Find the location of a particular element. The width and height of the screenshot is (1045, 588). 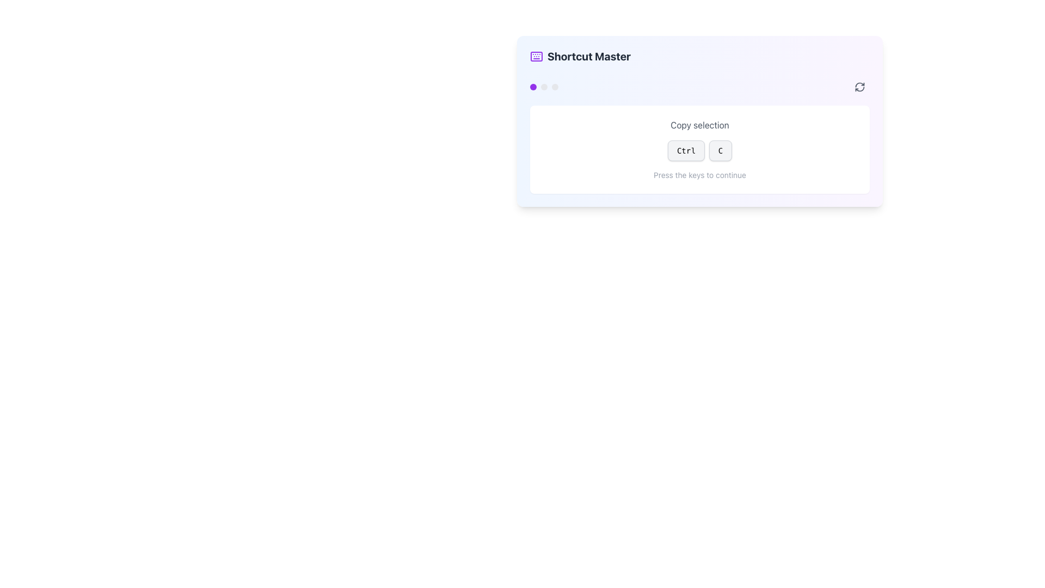

the purple progress dot in the Progress Indicator is located at coordinates (544, 86).